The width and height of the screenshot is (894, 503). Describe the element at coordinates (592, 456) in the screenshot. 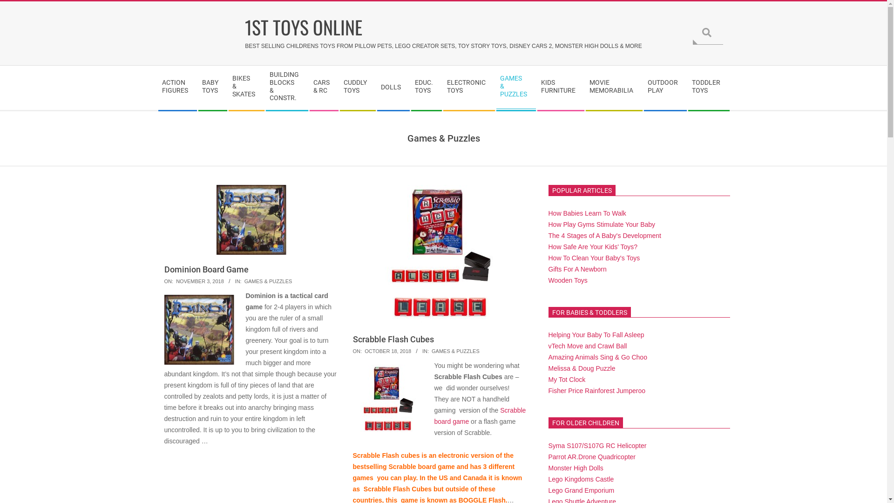

I see `'Parrot AR.Drone Quadricopter'` at that location.